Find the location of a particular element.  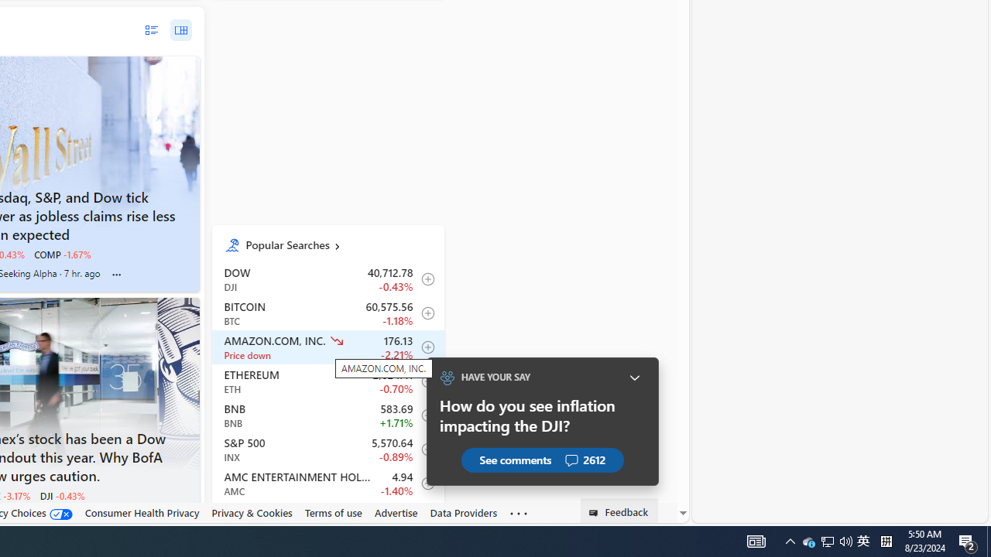

'Consumer Health Privacy' is located at coordinates (142, 513).